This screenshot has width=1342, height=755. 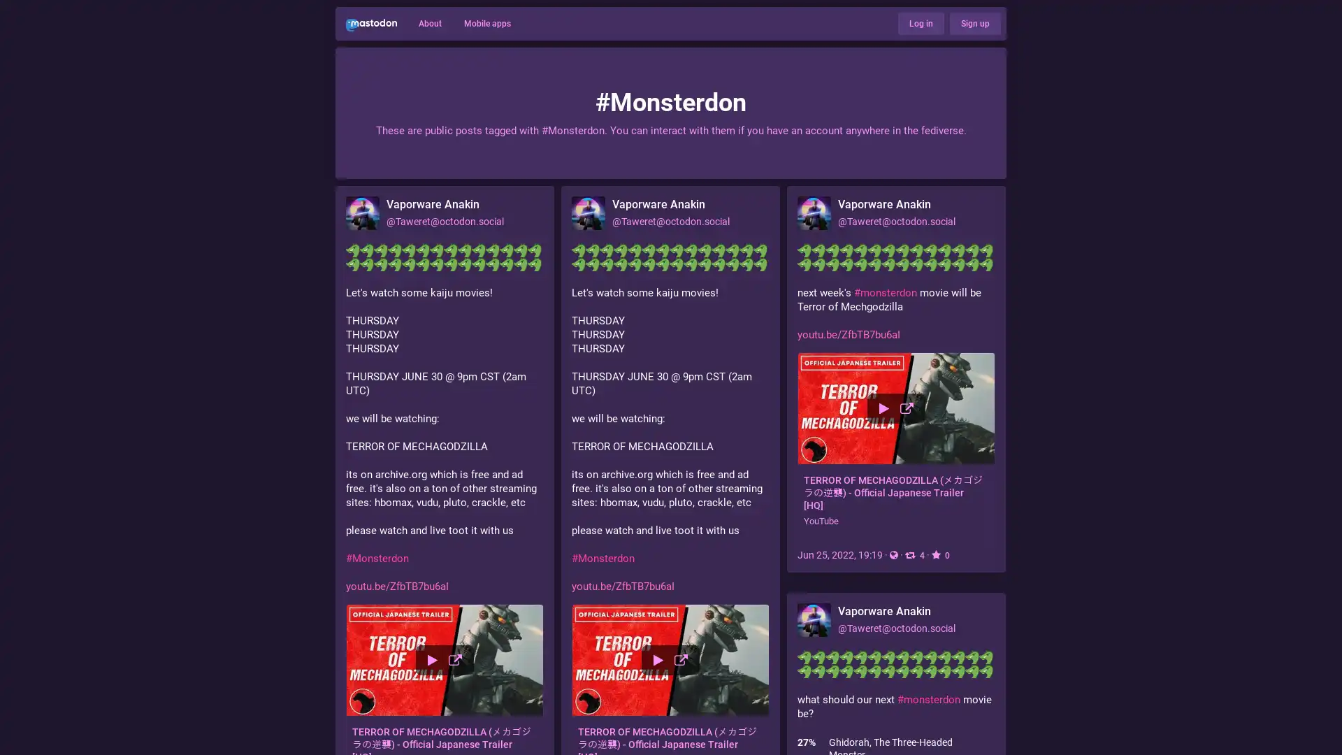 What do you see at coordinates (896, 445) in the screenshot?
I see `TERROR OF MECHAGODZILLA () - Official Japanese Trailer [HQ] YouTube` at bounding box center [896, 445].